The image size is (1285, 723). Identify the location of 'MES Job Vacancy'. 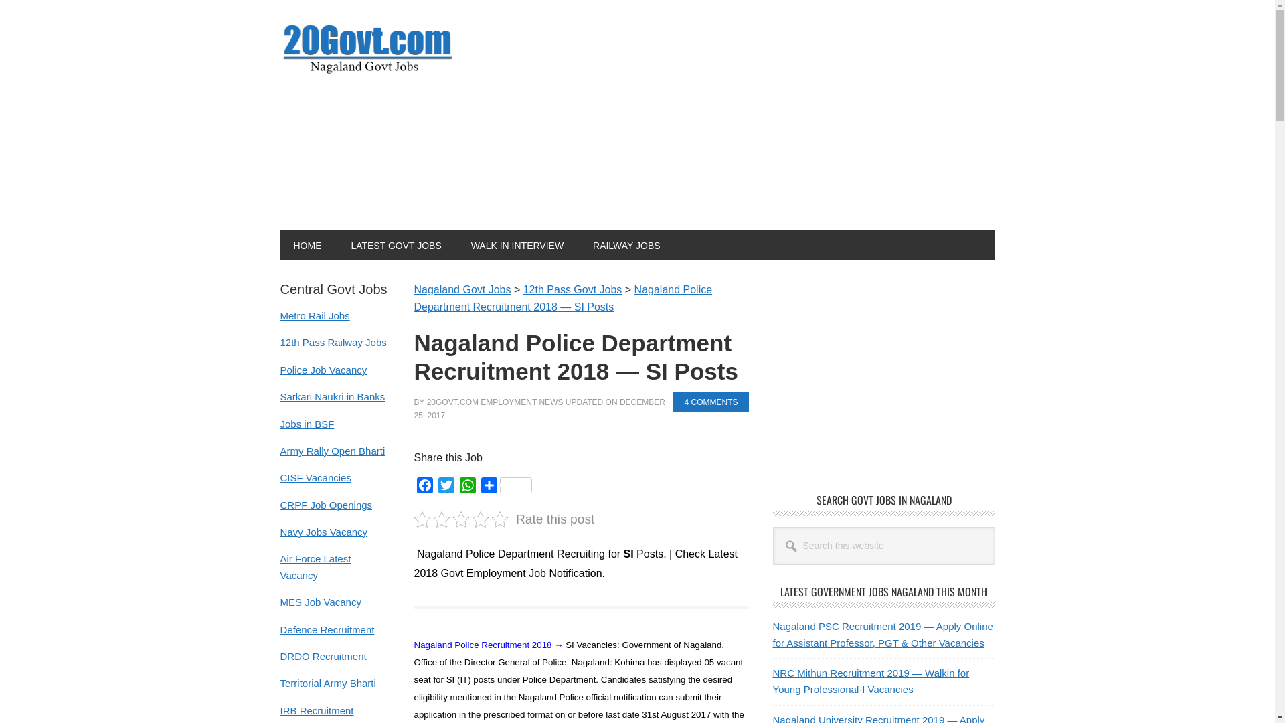
(319, 601).